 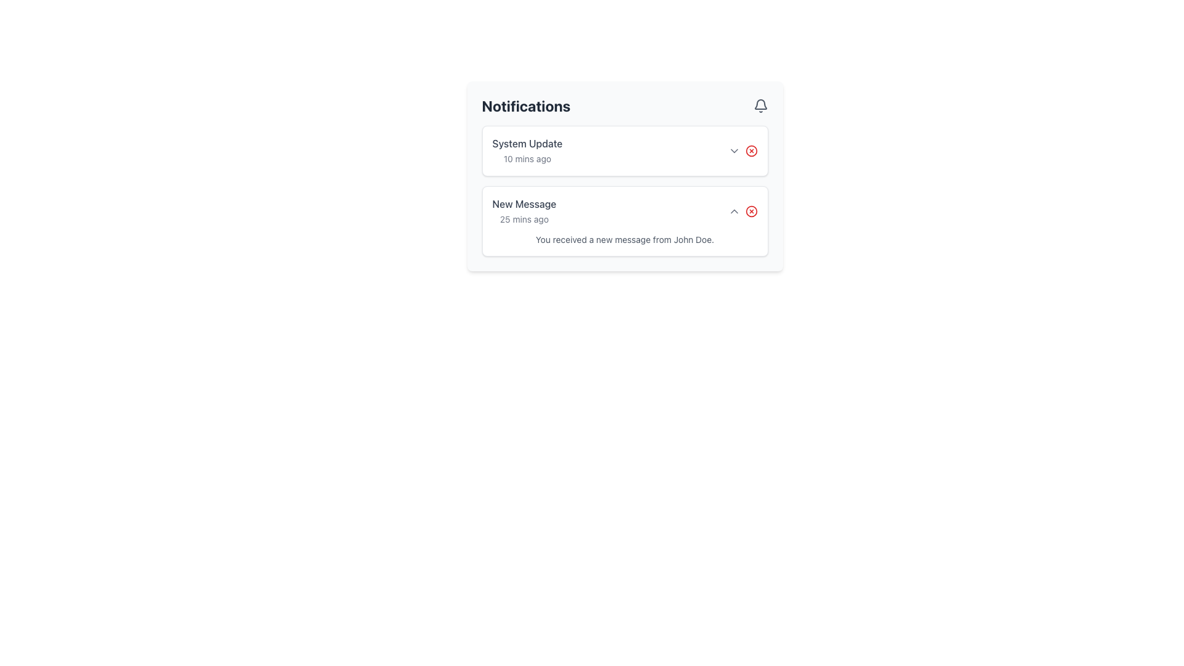 I want to click on the message content text within the 'New Message' notification block, located beneath the main title and timestamp, so click(x=625, y=240).